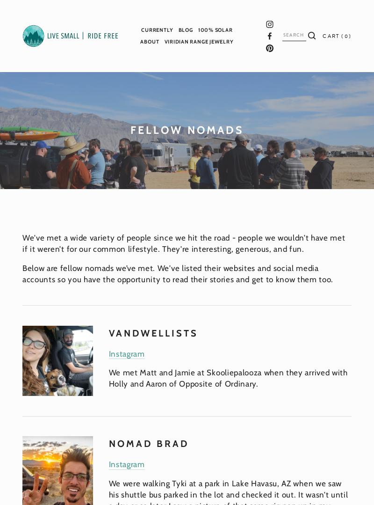 The width and height of the screenshot is (374, 505). What do you see at coordinates (108, 332) in the screenshot?
I see `'Vandwellists'` at bounding box center [108, 332].